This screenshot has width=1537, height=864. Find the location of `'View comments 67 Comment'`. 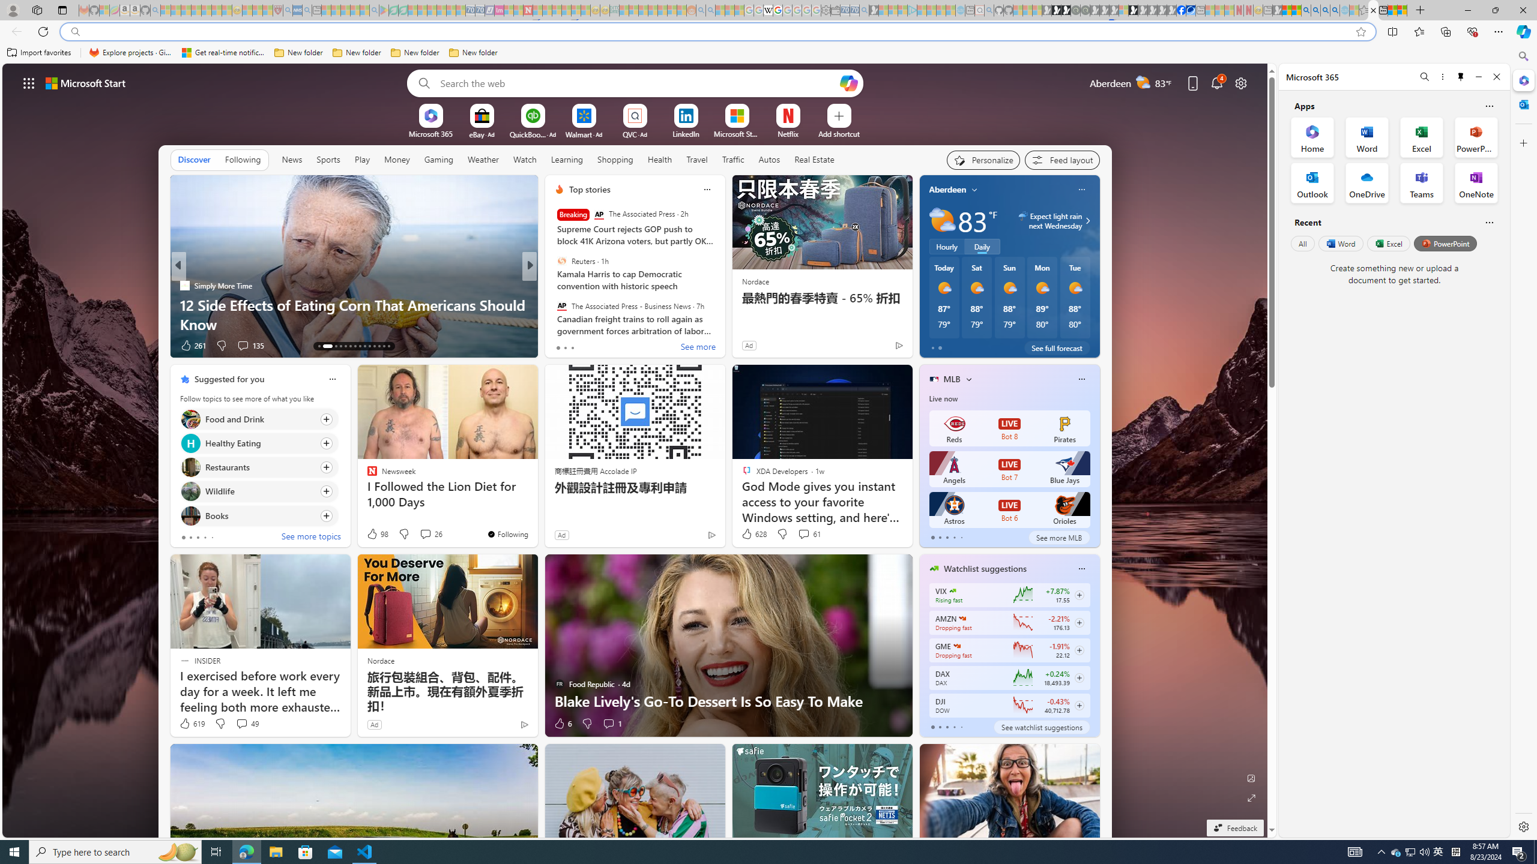

'View comments 67 Comment' is located at coordinates (608, 344).